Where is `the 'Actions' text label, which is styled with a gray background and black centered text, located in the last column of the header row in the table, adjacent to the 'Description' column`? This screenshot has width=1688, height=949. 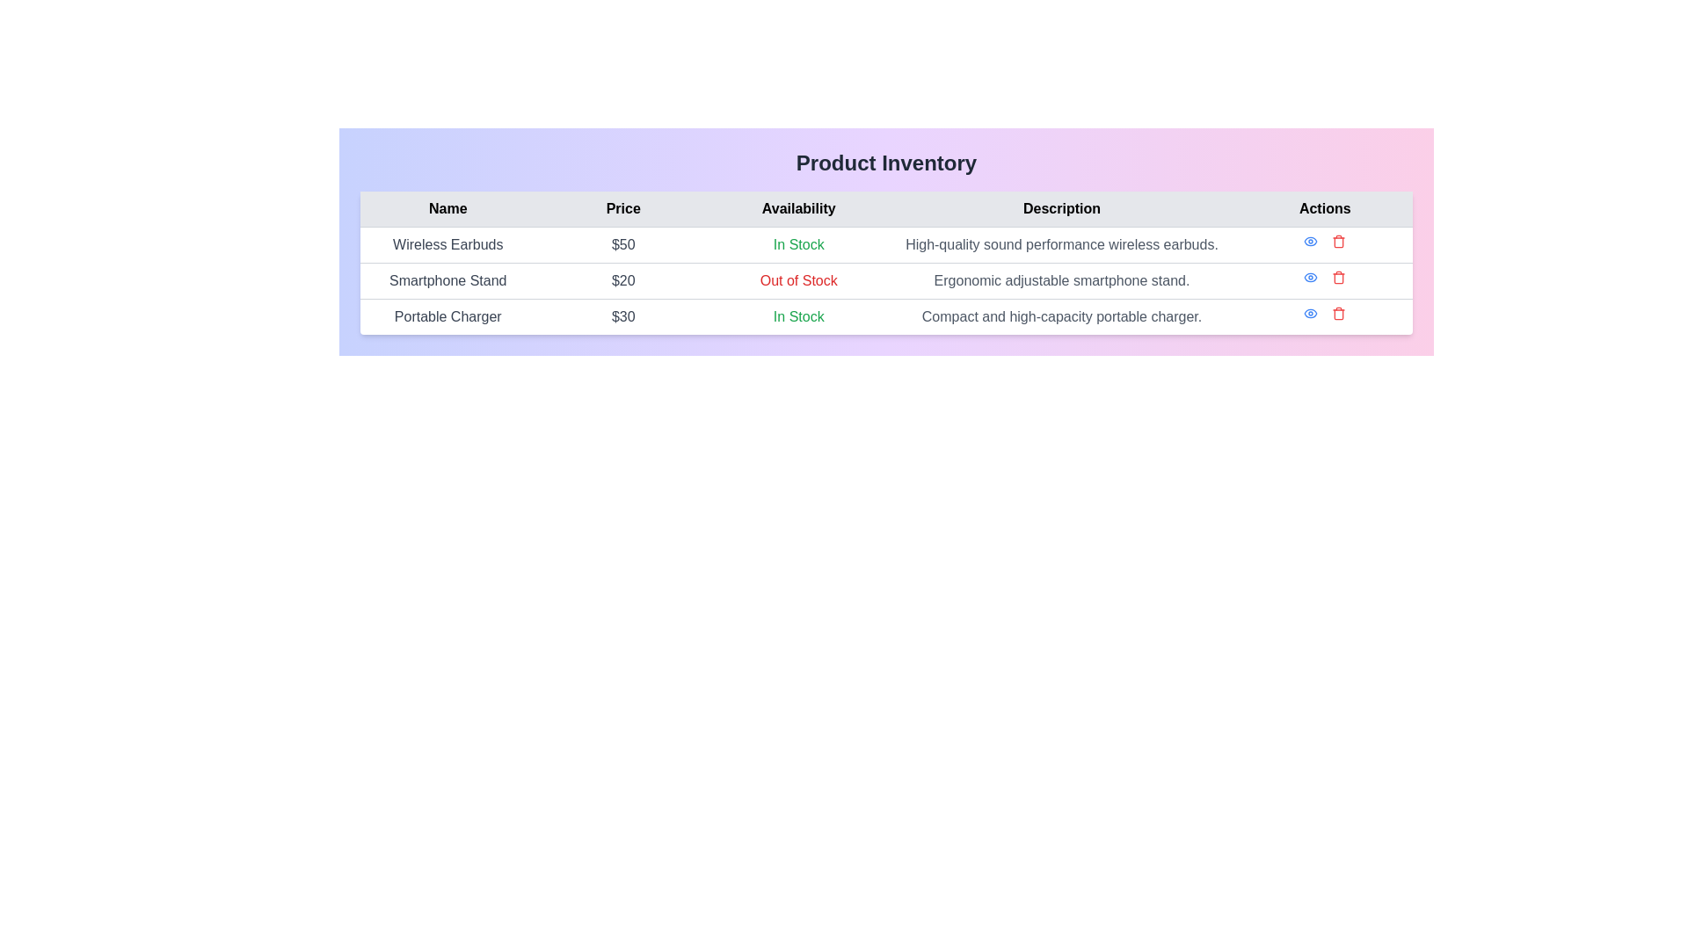
the 'Actions' text label, which is styled with a gray background and black centered text, located in the last column of the header row in the table, adjacent to the 'Description' column is located at coordinates (1325, 208).